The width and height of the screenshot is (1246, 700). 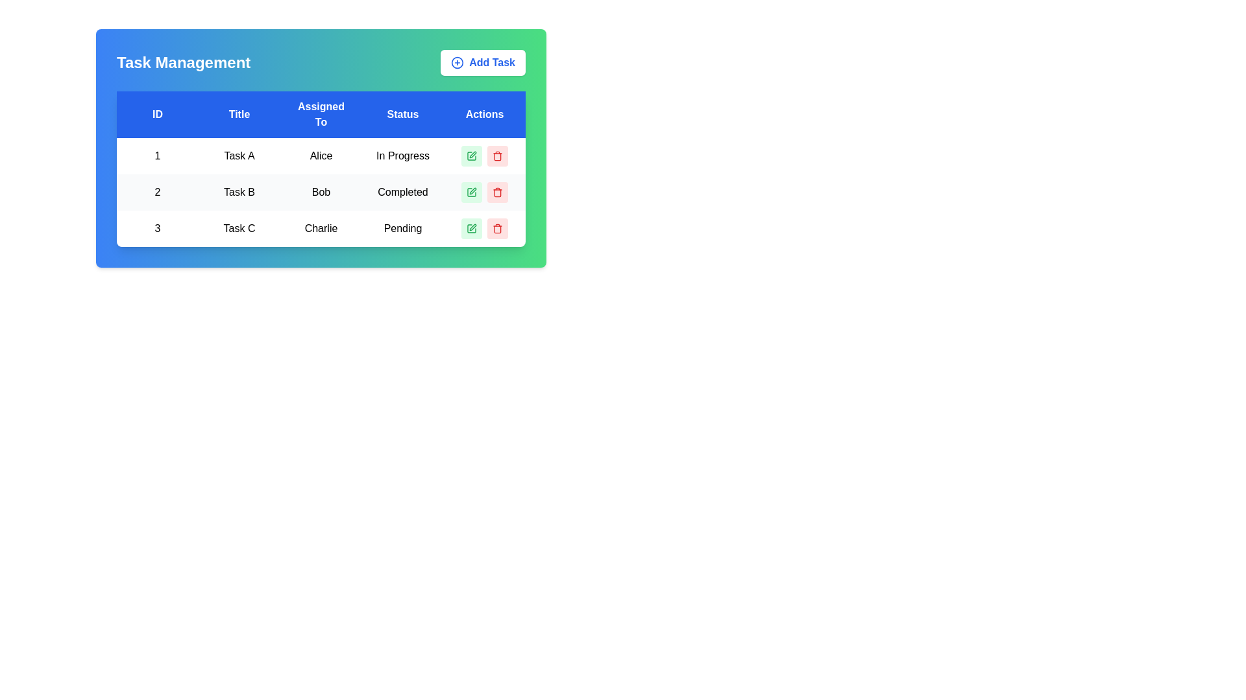 I want to click on the first cell in the third row of the table under the 'ID' column, so click(x=157, y=228).